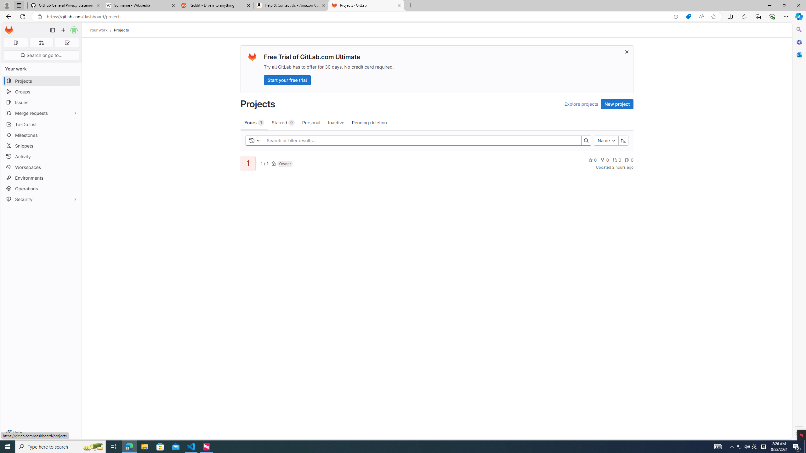 The height and width of the screenshot is (453, 806). What do you see at coordinates (65, 5) in the screenshot?
I see `'GitHub General Privacy Statement - GitHub Docs'` at bounding box center [65, 5].